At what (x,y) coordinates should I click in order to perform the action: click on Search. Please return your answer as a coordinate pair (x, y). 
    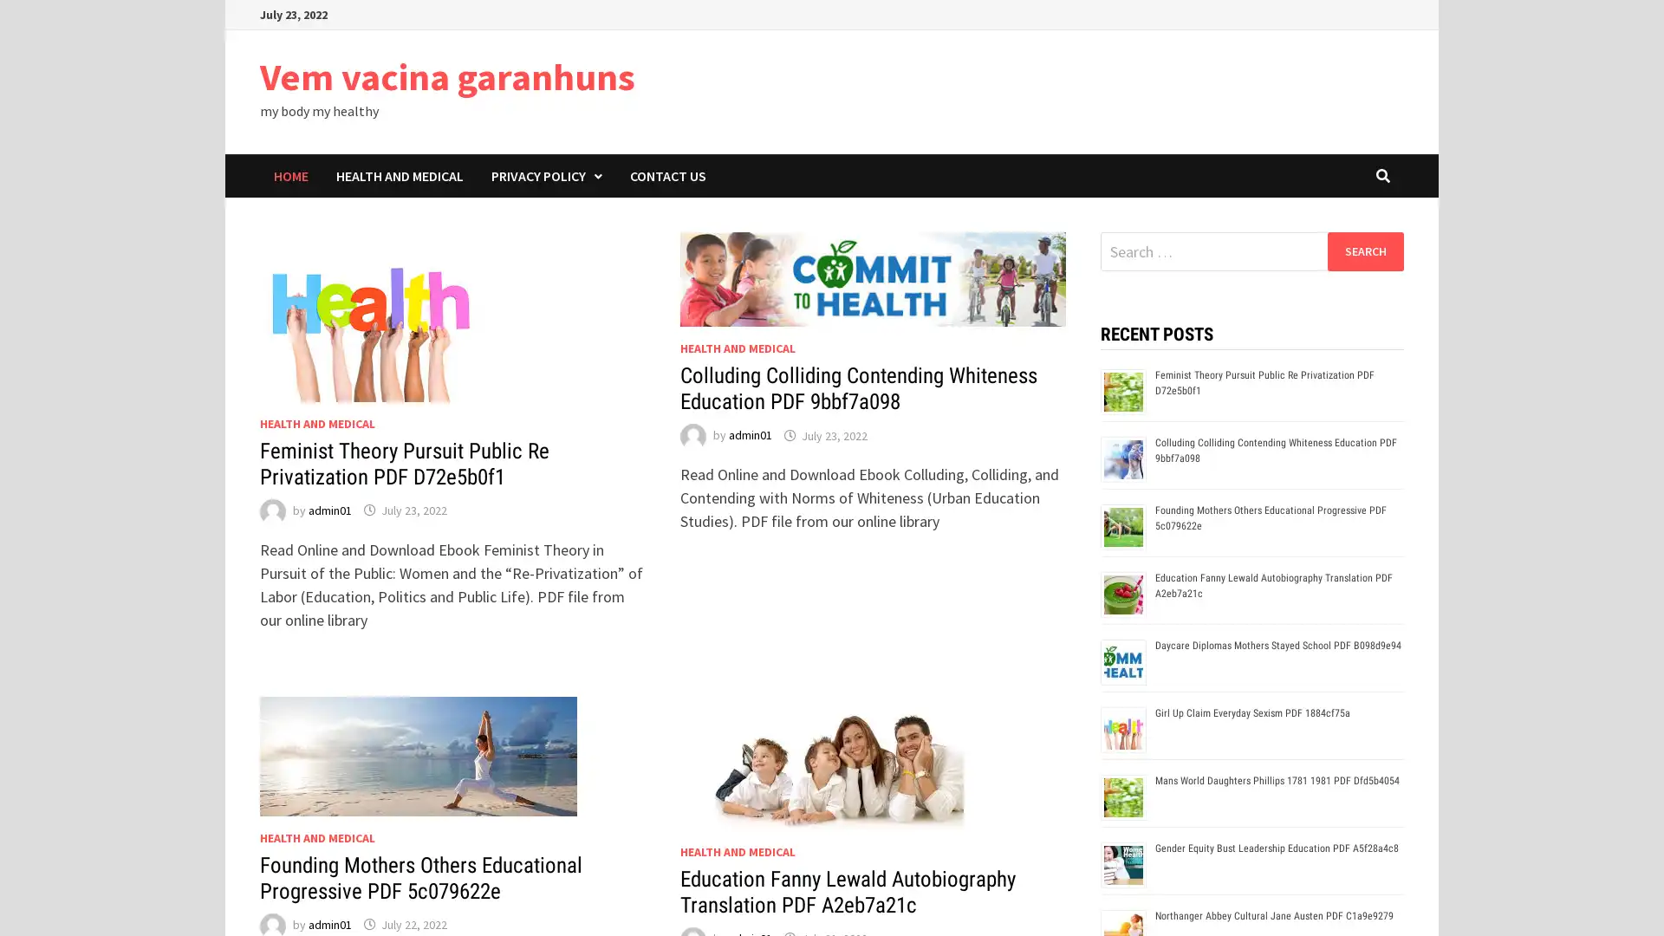
    Looking at the image, I should click on (1364, 250).